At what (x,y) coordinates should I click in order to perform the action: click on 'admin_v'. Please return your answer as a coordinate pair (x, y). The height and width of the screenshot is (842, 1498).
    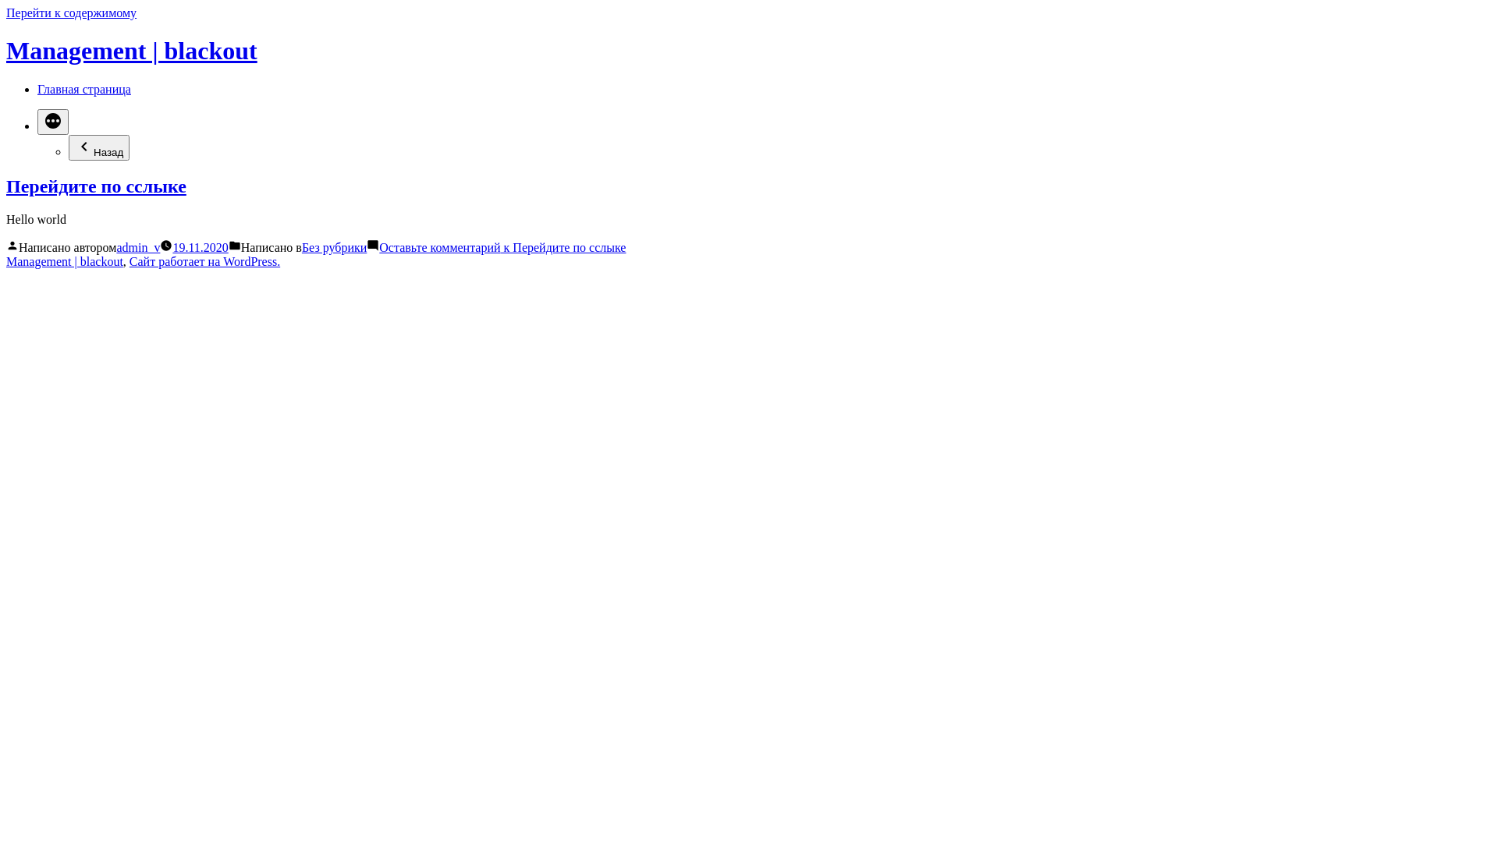
    Looking at the image, I should click on (115, 246).